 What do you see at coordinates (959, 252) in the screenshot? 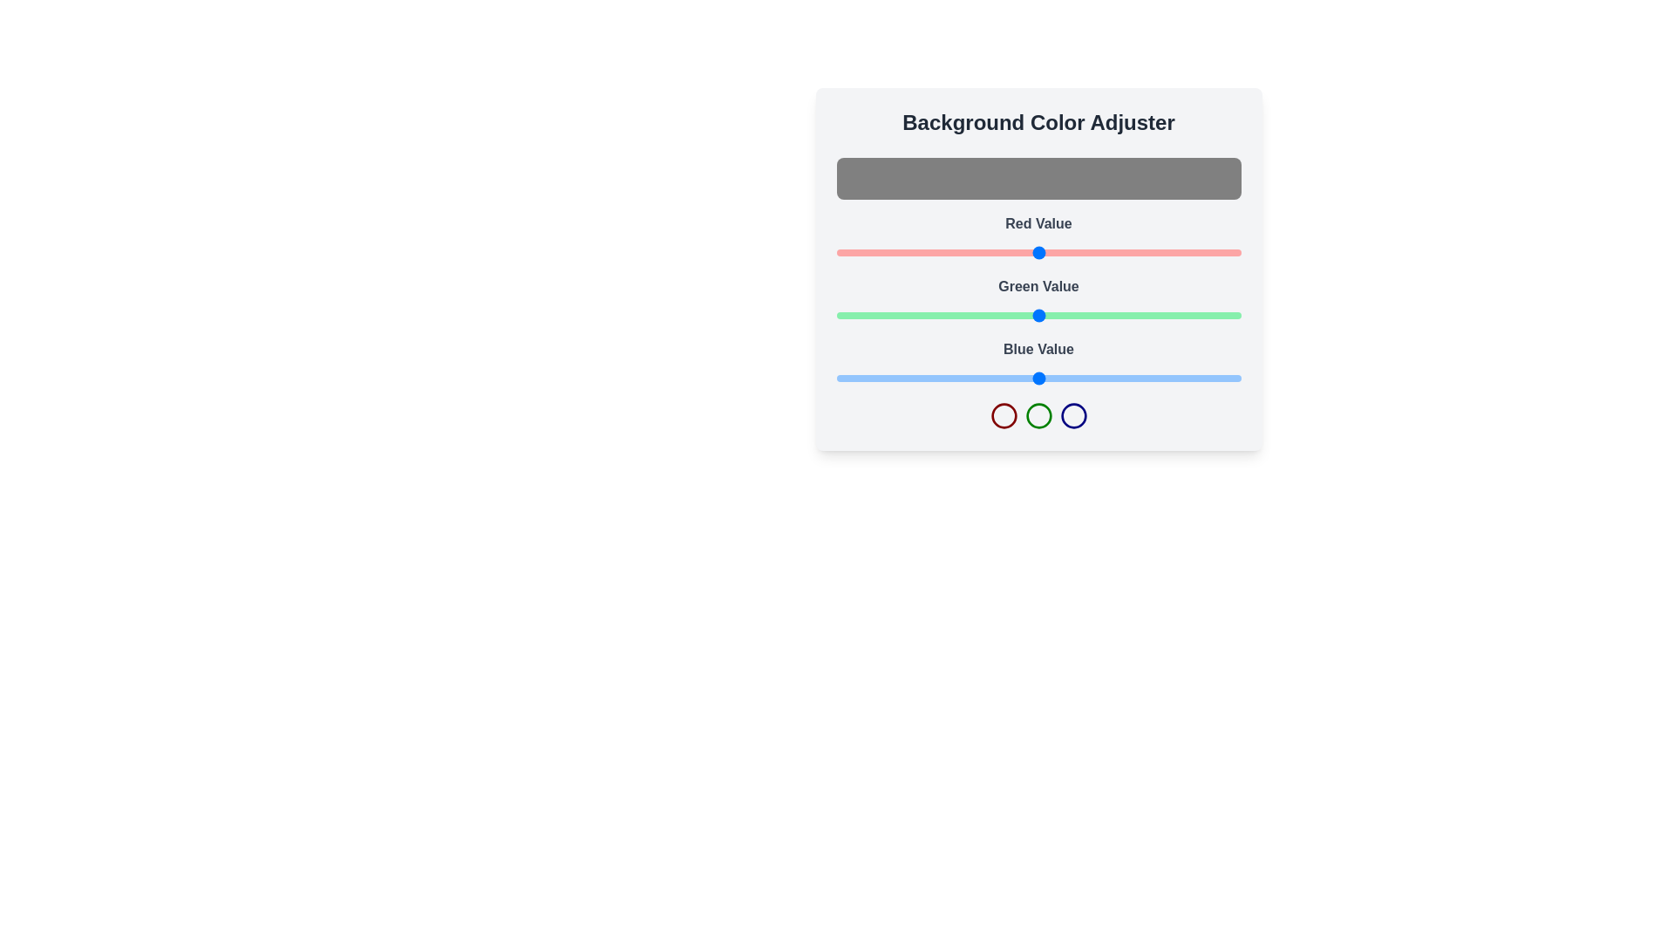
I see `the red color slider to set the red component to 78` at bounding box center [959, 252].